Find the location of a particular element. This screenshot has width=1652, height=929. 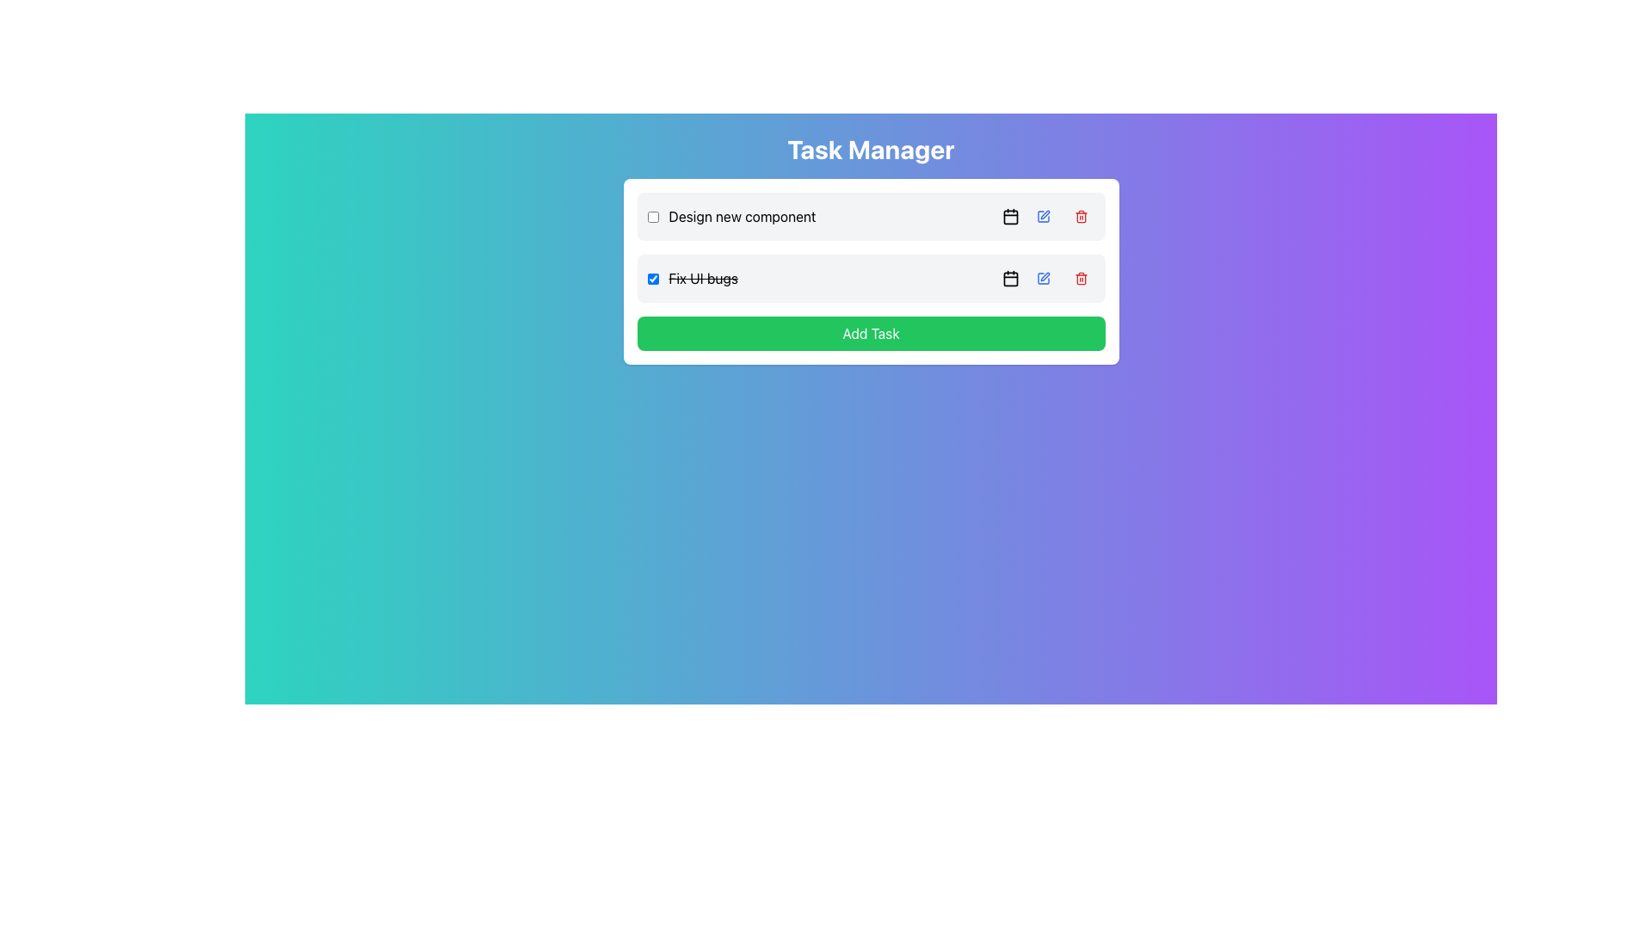

the edit button for the task labeled 'Design new component' is located at coordinates (1042, 215).